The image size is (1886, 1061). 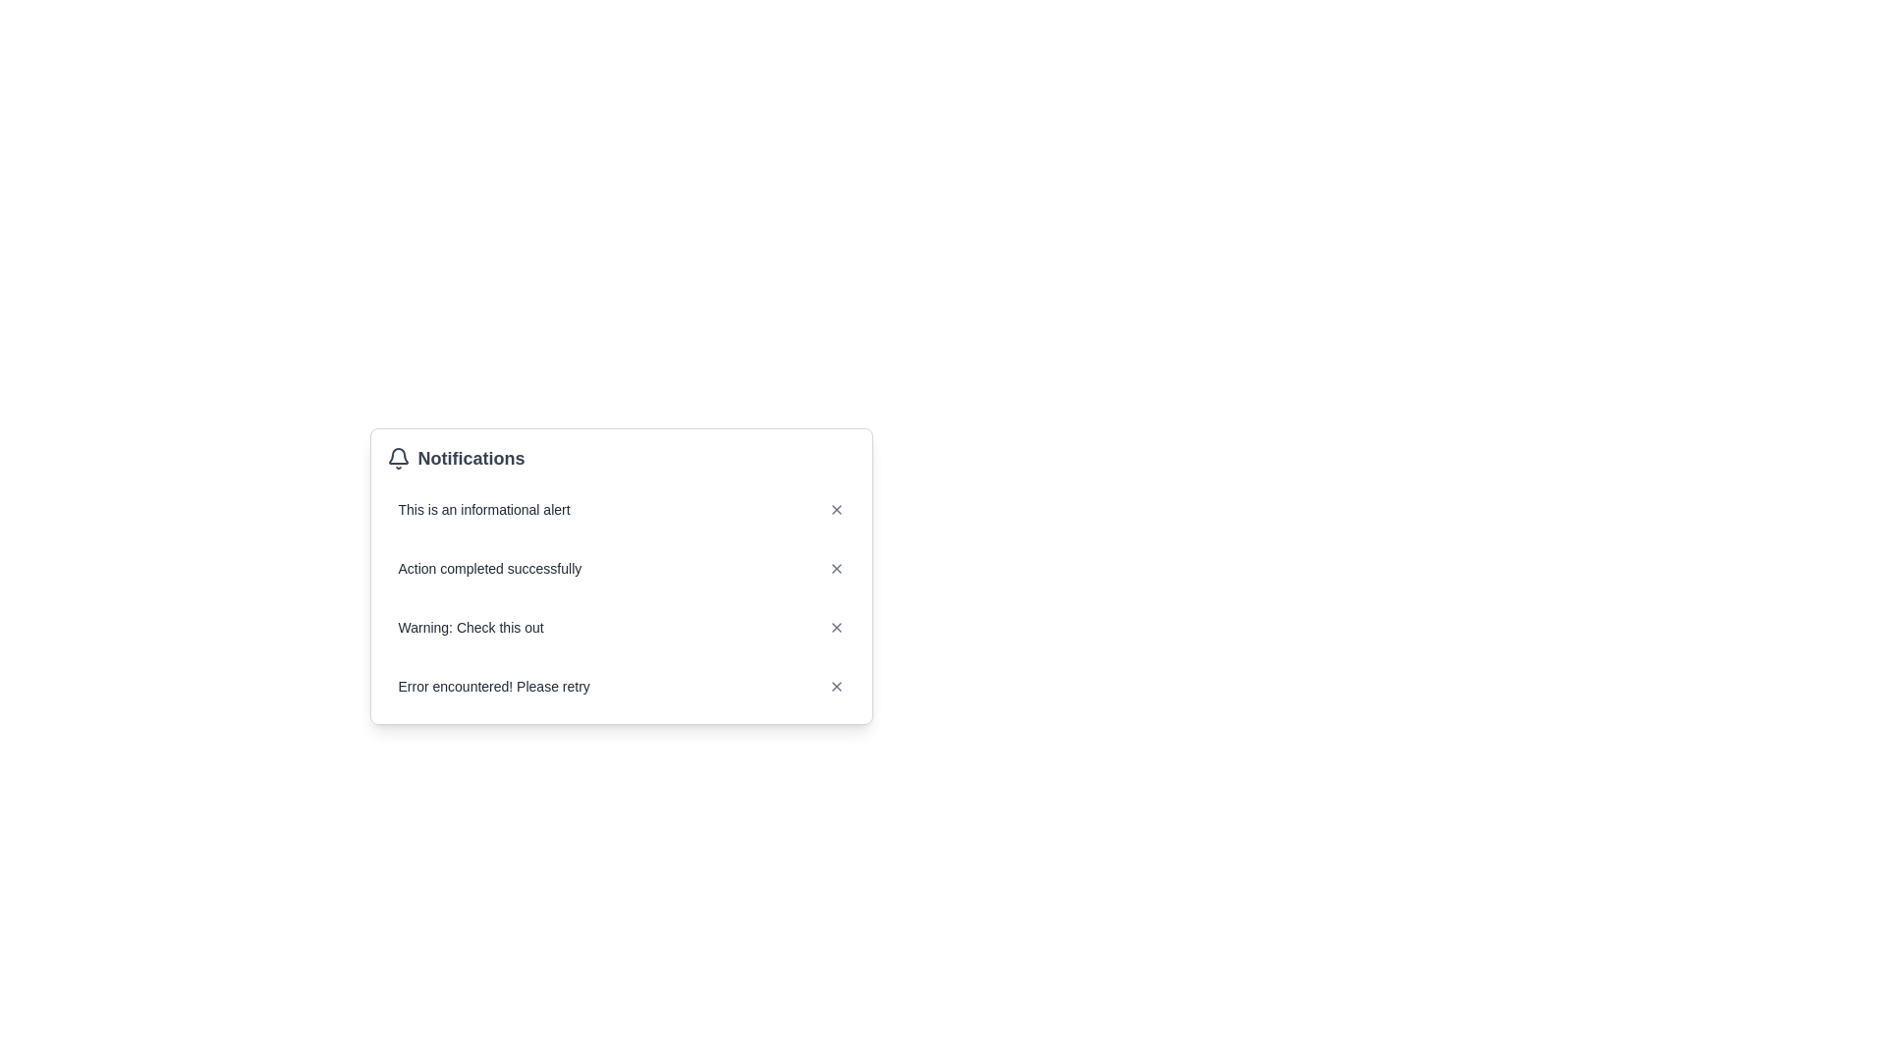 I want to click on the bell-shaped notification icon located in the header section of the notification panel, adjacent to the 'Notifications' title text, so click(x=397, y=456).